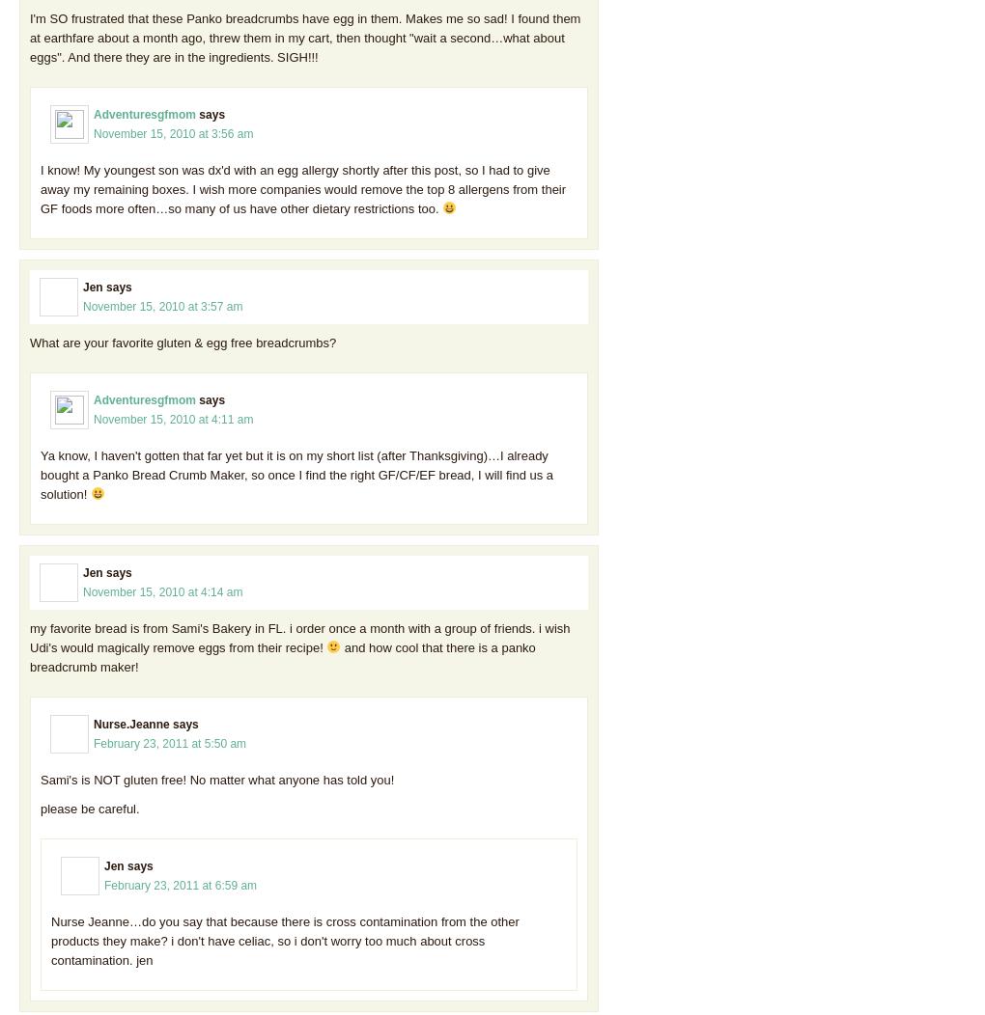 This screenshot has width=985, height=1015. What do you see at coordinates (162, 304) in the screenshot?
I see `'November 15, 2010 at 3:57 am'` at bounding box center [162, 304].